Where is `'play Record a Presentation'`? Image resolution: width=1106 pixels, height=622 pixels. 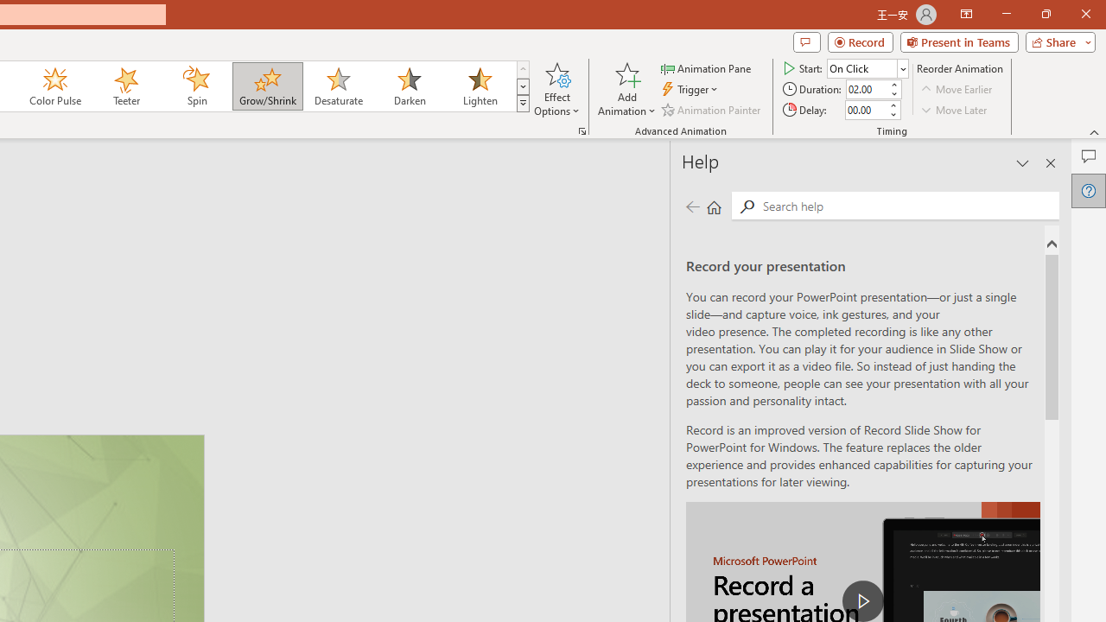 'play Record a Presentation' is located at coordinates (863, 600).